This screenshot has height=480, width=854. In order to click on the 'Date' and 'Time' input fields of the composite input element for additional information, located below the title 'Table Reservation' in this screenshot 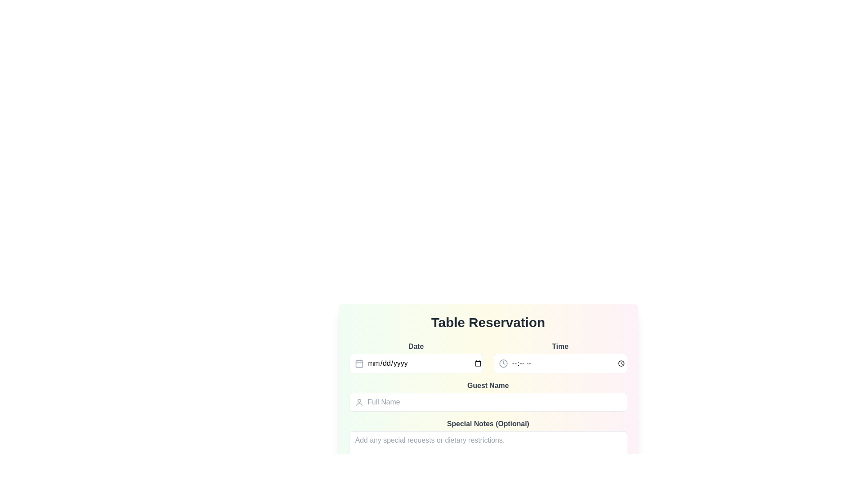, I will do `click(487, 356)`.